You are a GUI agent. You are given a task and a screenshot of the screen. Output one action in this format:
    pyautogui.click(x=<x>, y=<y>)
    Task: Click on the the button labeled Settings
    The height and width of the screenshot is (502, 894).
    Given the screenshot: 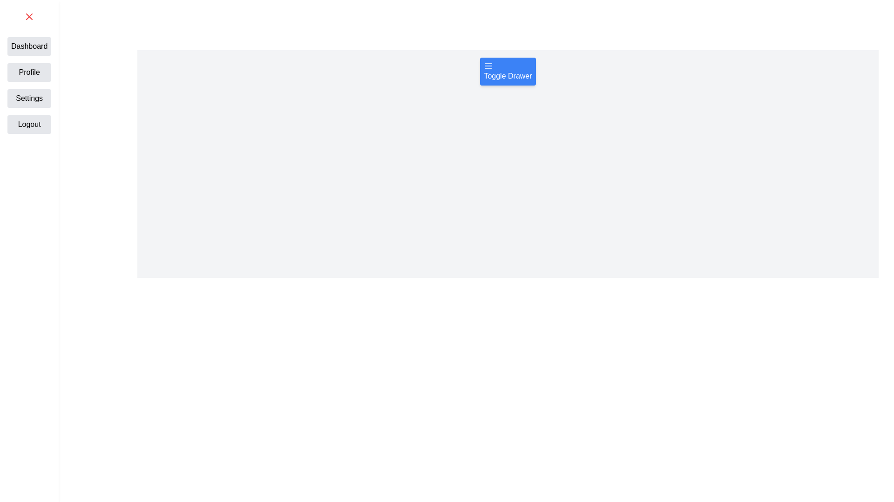 What is the action you would take?
    pyautogui.click(x=29, y=99)
    